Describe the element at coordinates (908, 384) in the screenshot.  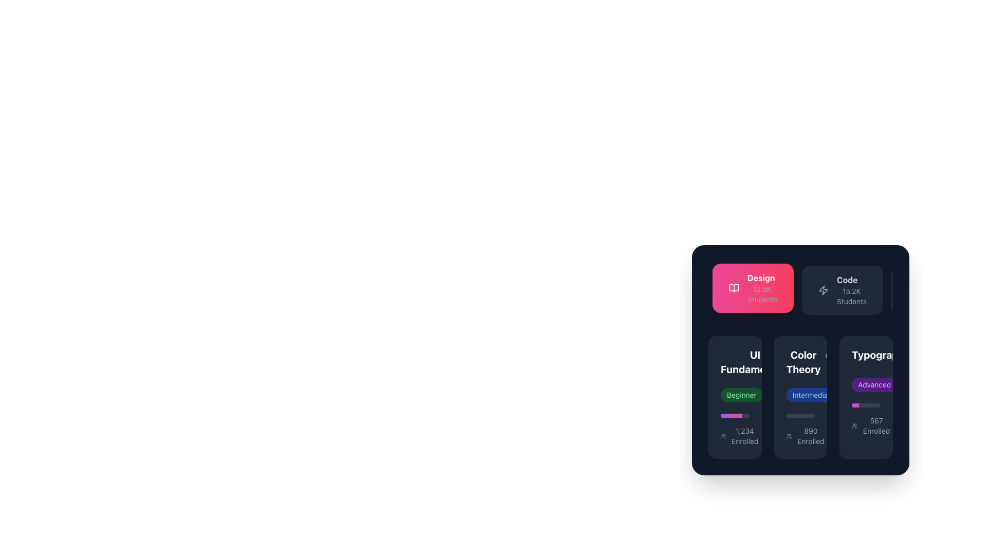
I see `the clock icon located on the right side of the 'Typography' course information panel` at that location.